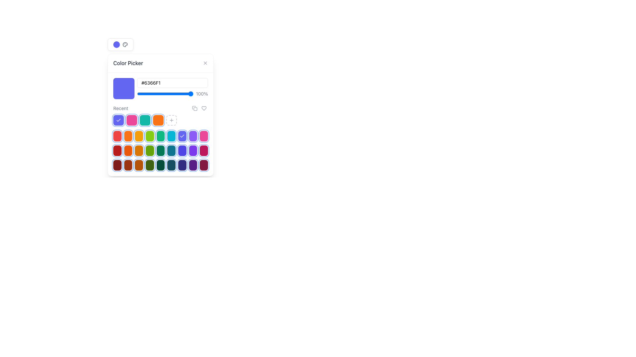  What do you see at coordinates (171, 165) in the screenshot?
I see `the sixth icon in the horizontal grid of color picker tools, which has a dark teal background and rounded corners` at bounding box center [171, 165].